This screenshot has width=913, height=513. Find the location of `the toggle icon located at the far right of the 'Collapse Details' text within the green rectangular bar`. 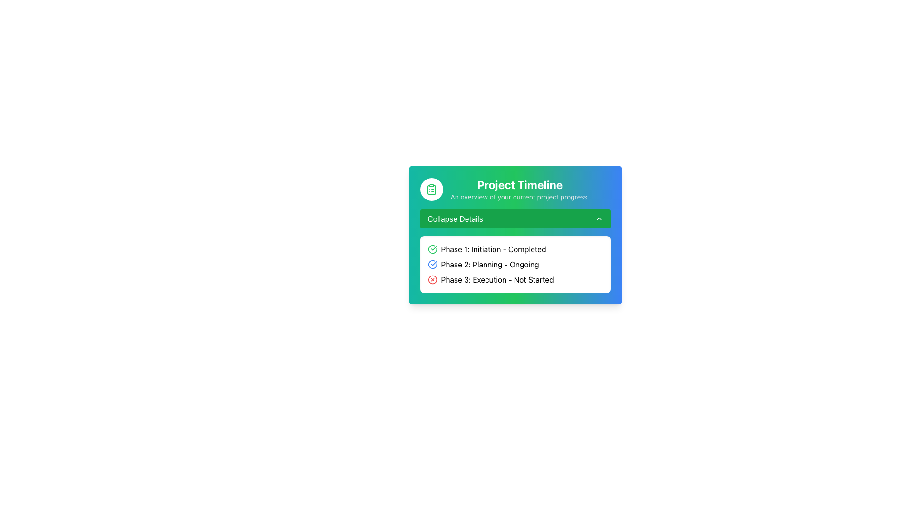

the toggle icon located at the far right of the 'Collapse Details' text within the green rectangular bar is located at coordinates (598, 219).